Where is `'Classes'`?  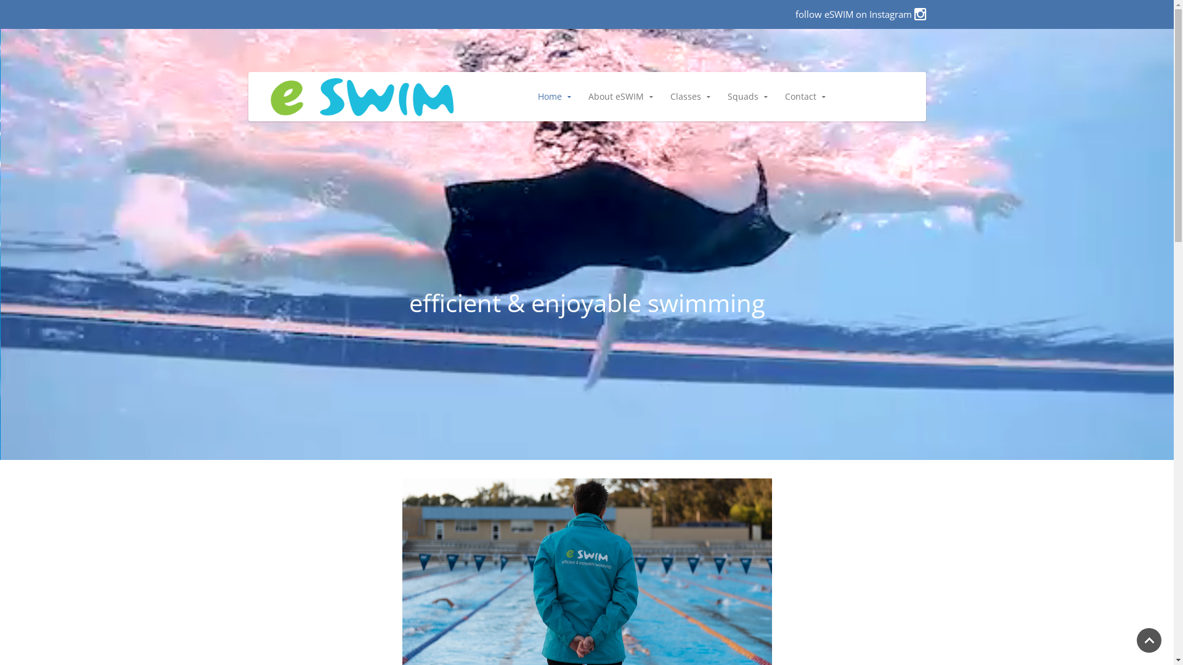
'Classes' is located at coordinates (687, 96).